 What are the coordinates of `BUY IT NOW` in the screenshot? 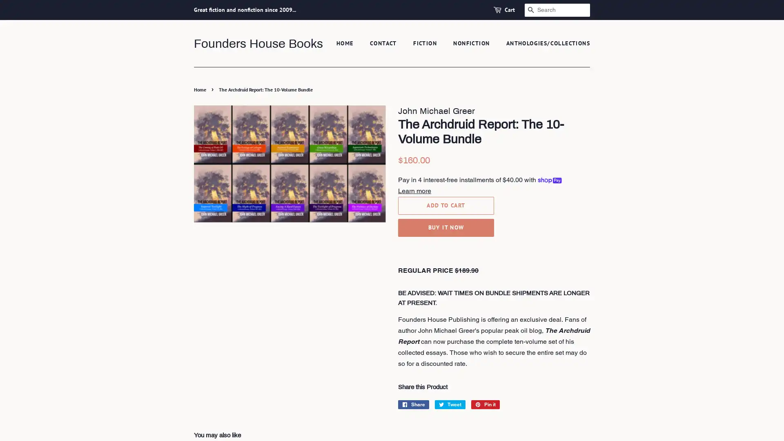 It's located at (445, 227).